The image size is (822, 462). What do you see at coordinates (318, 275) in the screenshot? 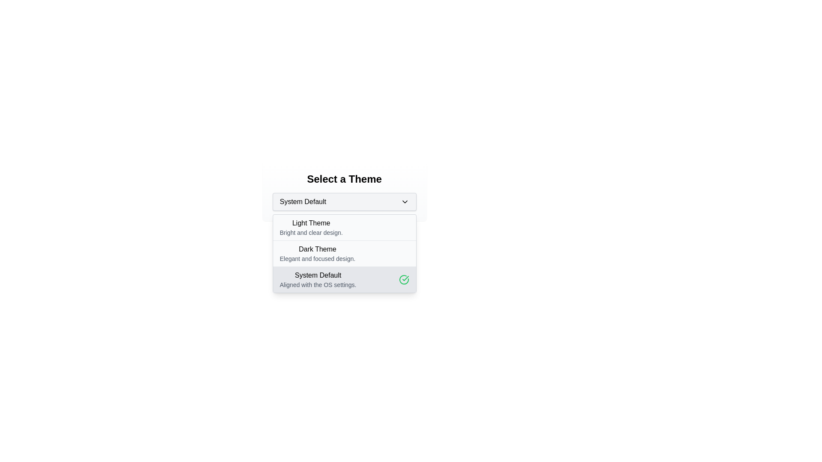
I see `the 'System Default' theme option in the dropdown menu, which is located between the 'Light Theme' and 'Dark Theme' options and above the descriptive text 'Aligned with the OS settings.'` at bounding box center [318, 275].